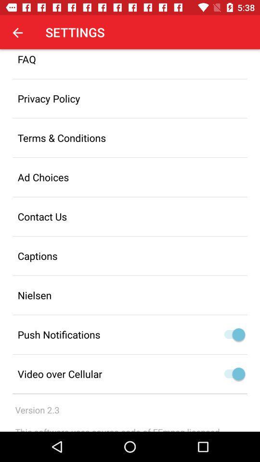 The image size is (260, 462). I want to click on push notifications, so click(238, 334).